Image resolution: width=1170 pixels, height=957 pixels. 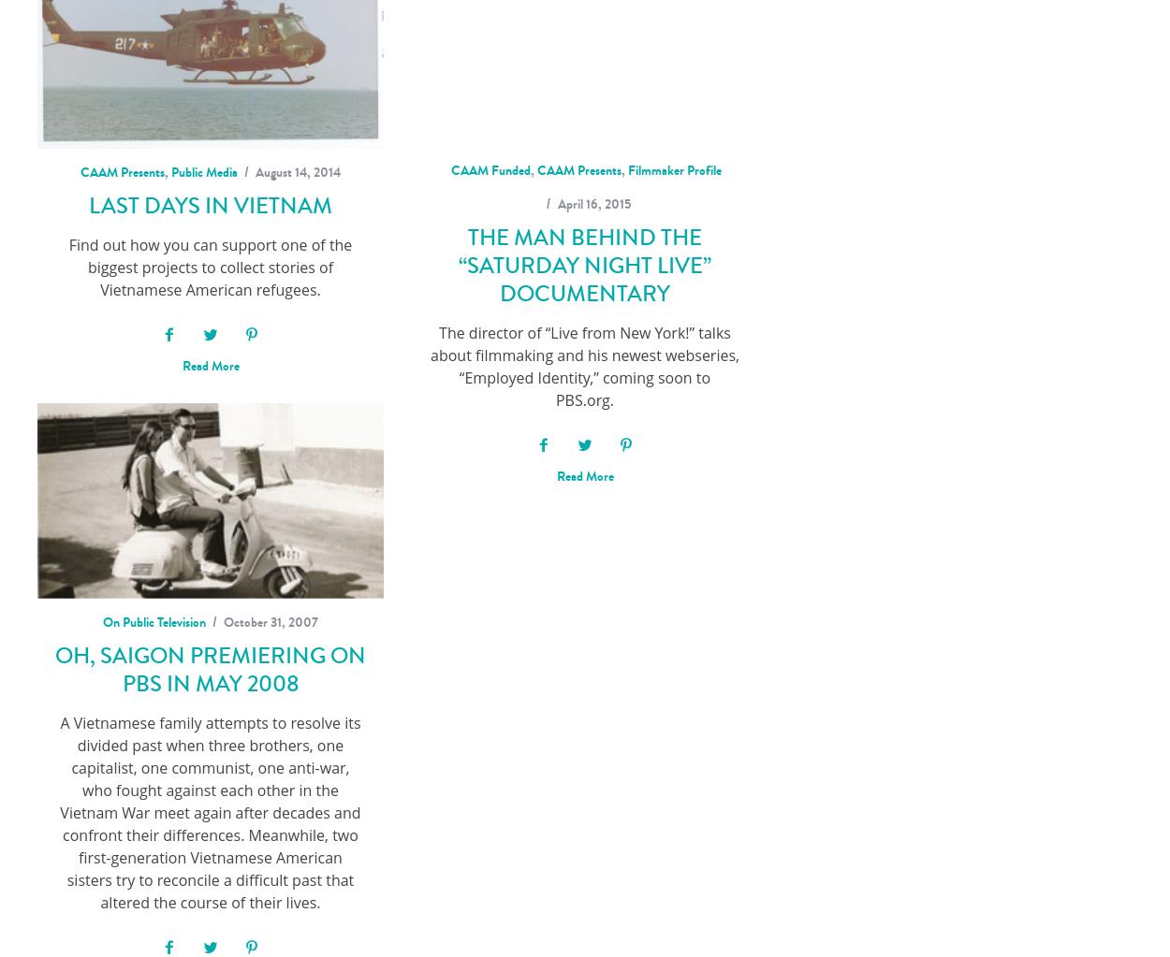 What do you see at coordinates (210, 669) in the screenshot?
I see `'OH, SAIGON Premiering on PBS in May 2008'` at bounding box center [210, 669].